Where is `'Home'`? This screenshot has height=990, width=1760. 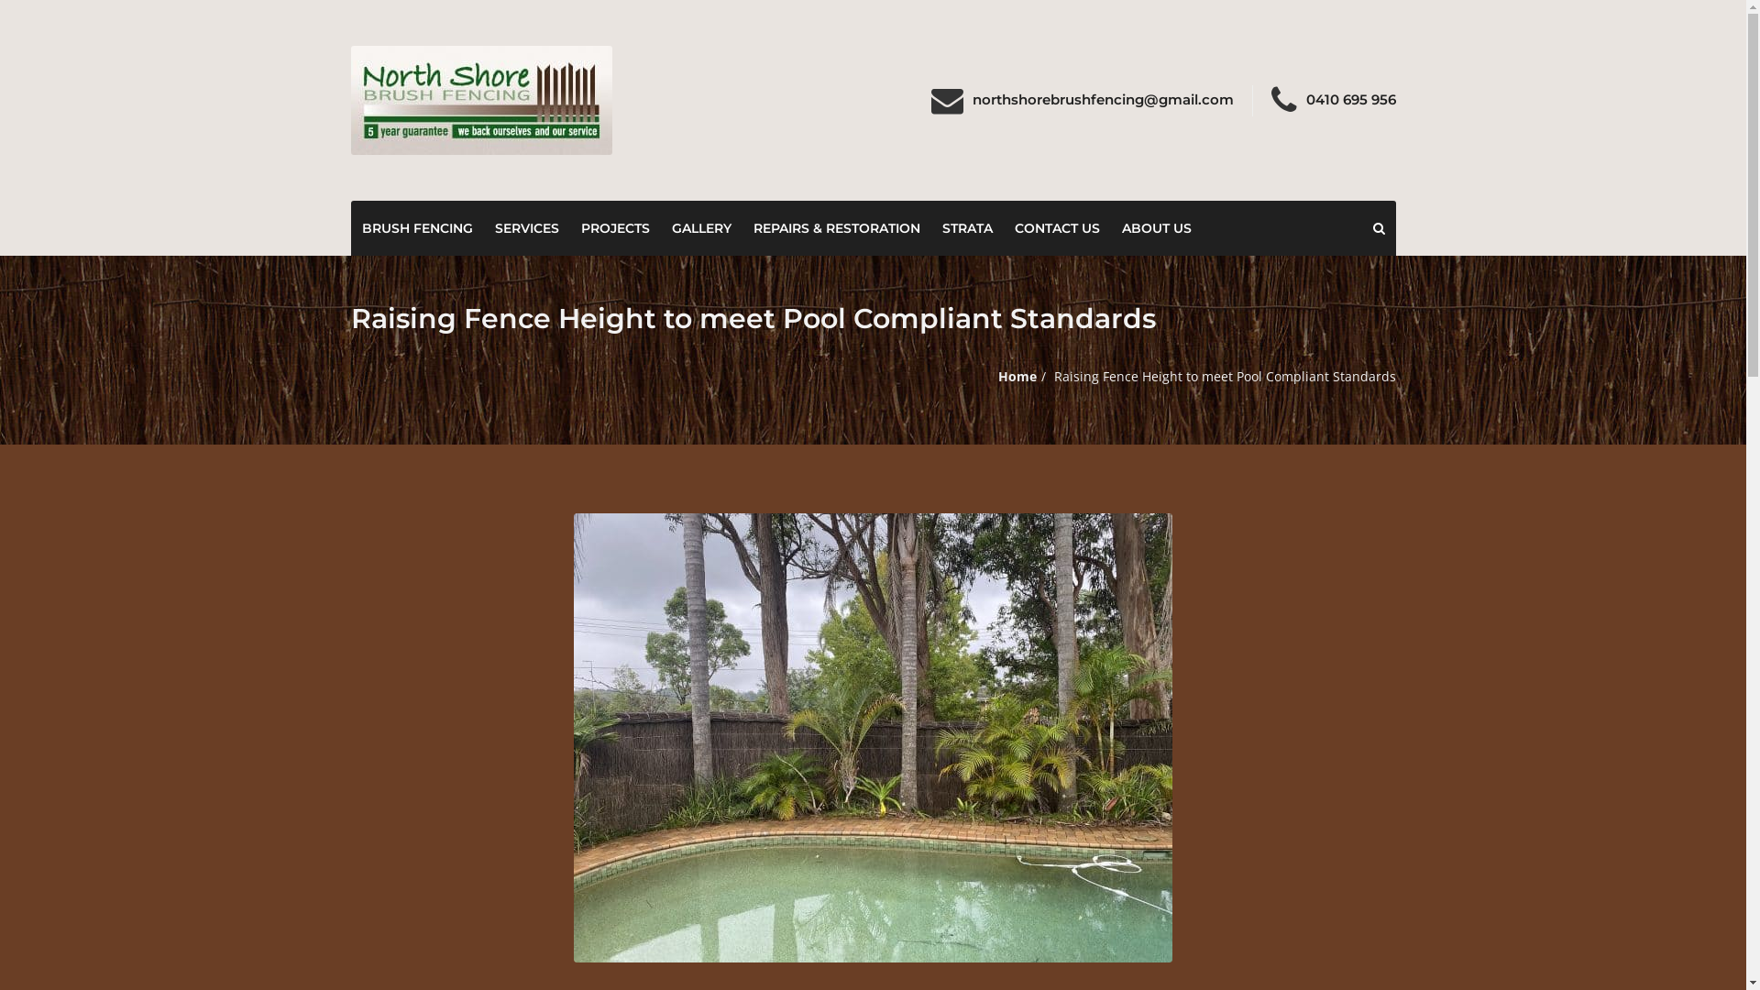 'Home' is located at coordinates (1015, 374).